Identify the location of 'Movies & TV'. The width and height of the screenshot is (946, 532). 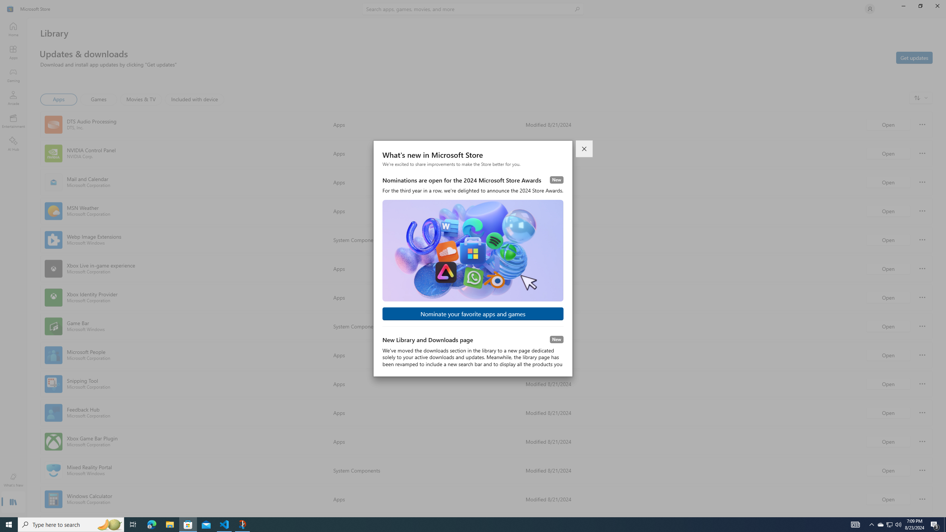
(140, 99).